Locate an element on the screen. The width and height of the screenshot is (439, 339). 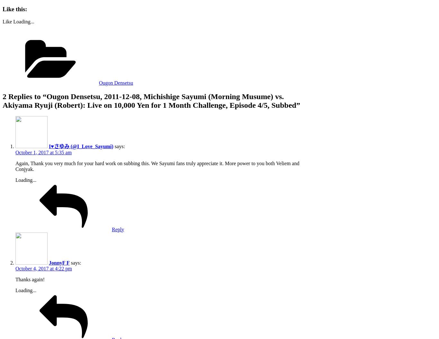
'JonnyF F' is located at coordinates (59, 262).